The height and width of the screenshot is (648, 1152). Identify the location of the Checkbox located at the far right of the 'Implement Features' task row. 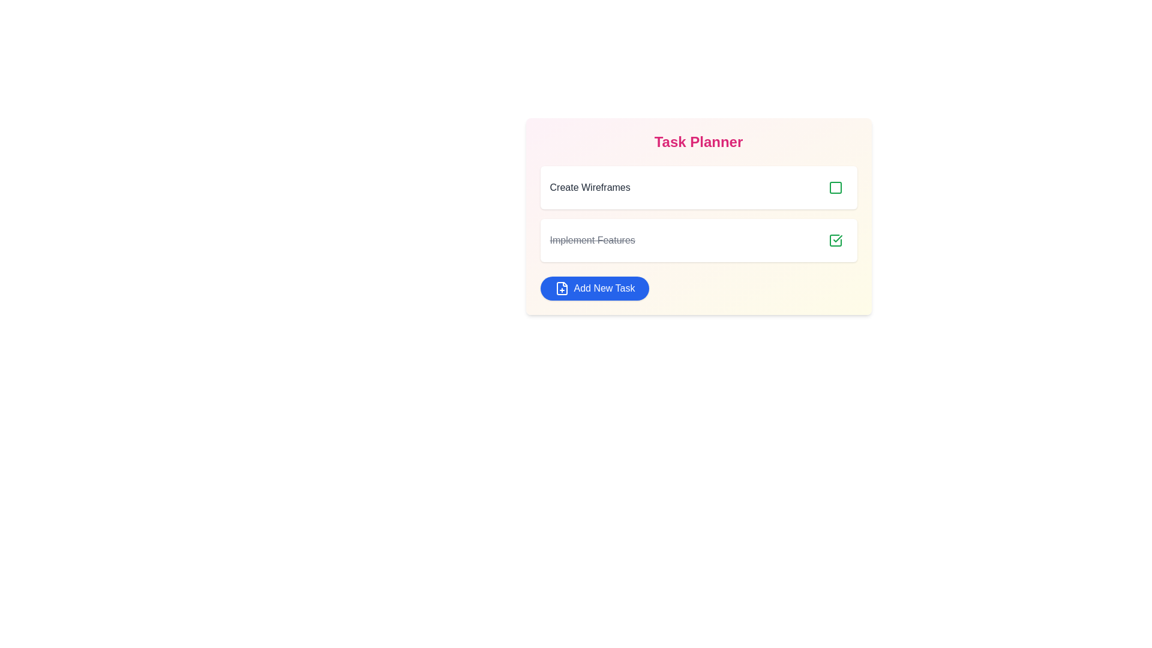
(835, 241).